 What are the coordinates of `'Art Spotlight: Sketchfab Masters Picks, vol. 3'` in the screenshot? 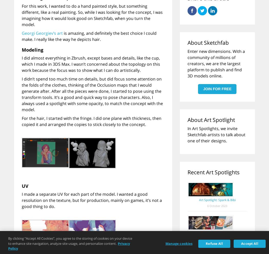 It's located at (217, 235).